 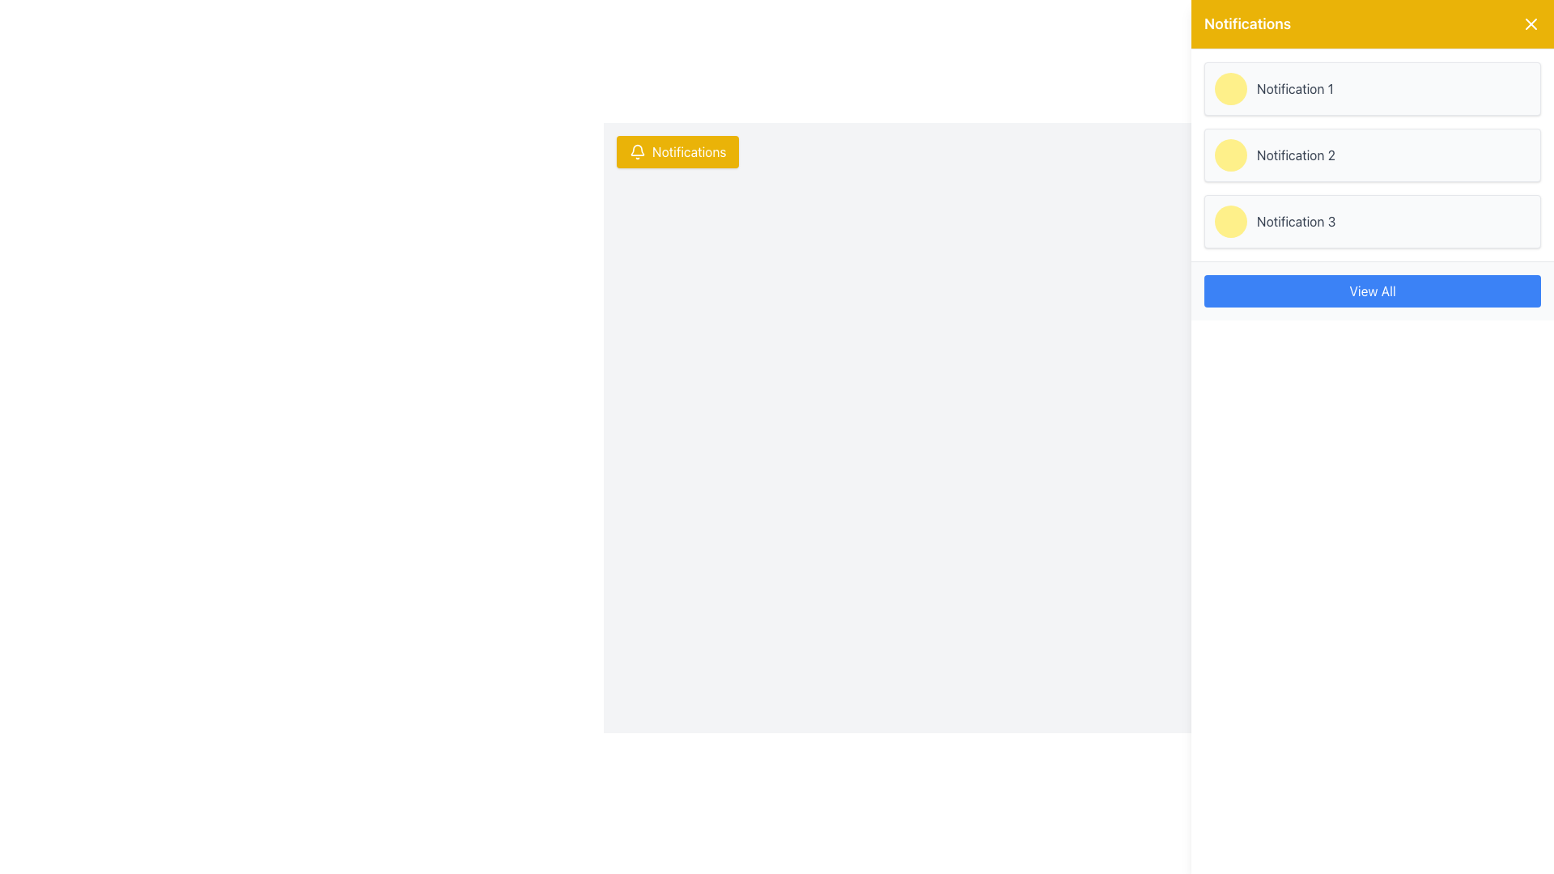 I want to click on the yellow circular indicator located on the left side of the 'Notification 3' bar in the notifications panel, so click(x=1230, y=221).